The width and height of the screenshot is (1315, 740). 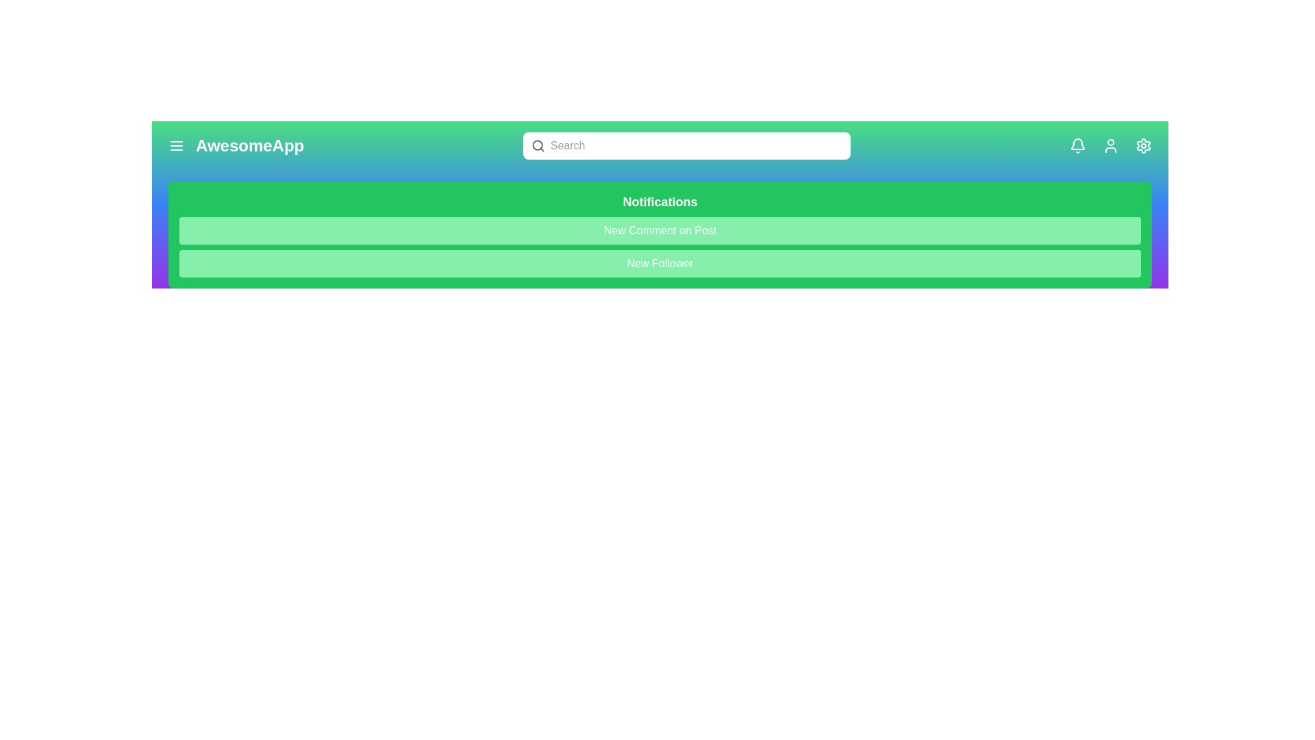 I want to click on the cogwheel icon in the top-right corner of the application interface, so click(x=1144, y=145).